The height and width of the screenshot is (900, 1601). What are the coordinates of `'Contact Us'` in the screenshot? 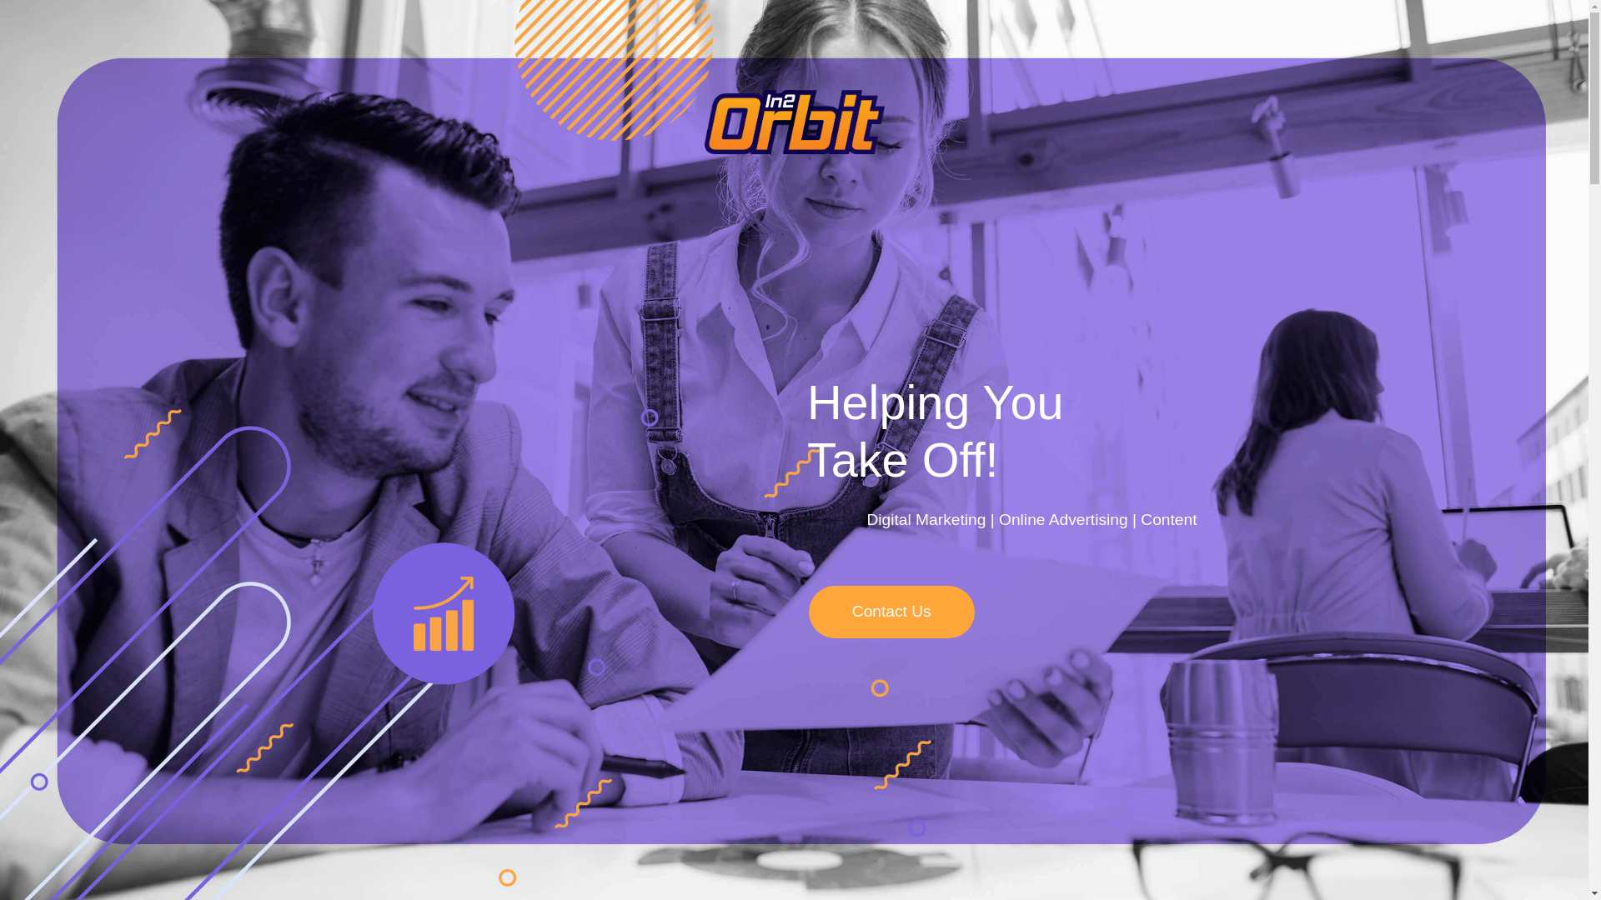 It's located at (891, 612).